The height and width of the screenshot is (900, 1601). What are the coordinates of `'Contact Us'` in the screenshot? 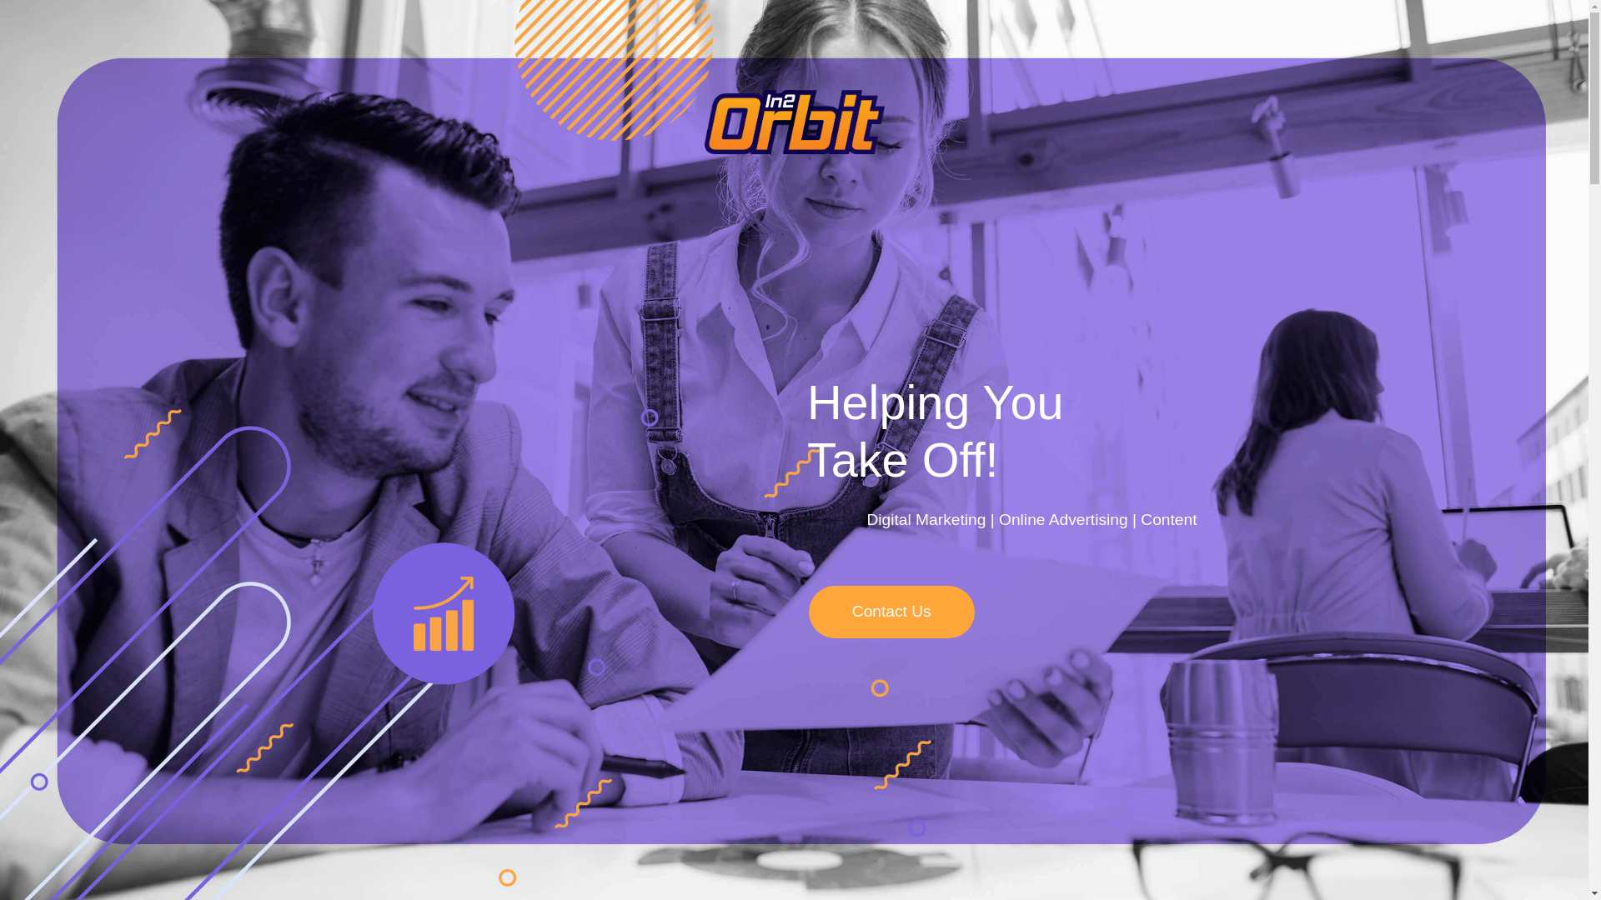 It's located at (891, 612).